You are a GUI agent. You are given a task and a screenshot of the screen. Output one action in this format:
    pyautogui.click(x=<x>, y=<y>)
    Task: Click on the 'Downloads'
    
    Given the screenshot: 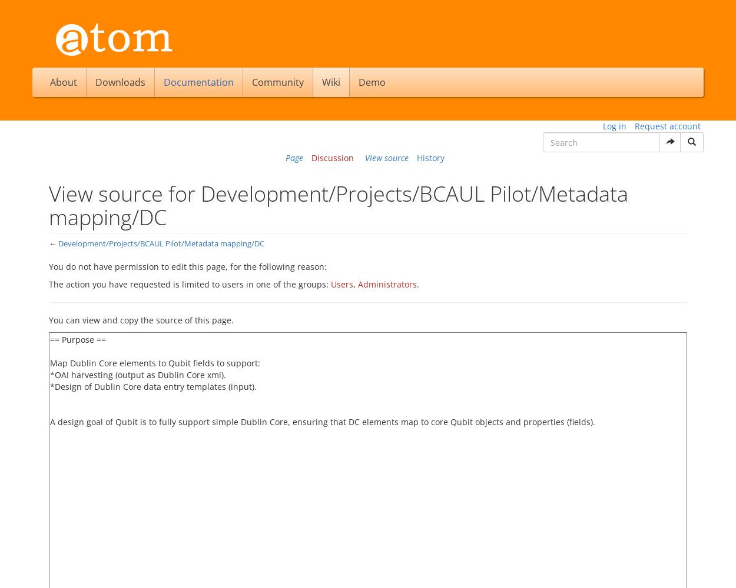 What is the action you would take?
    pyautogui.click(x=120, y=82)
    